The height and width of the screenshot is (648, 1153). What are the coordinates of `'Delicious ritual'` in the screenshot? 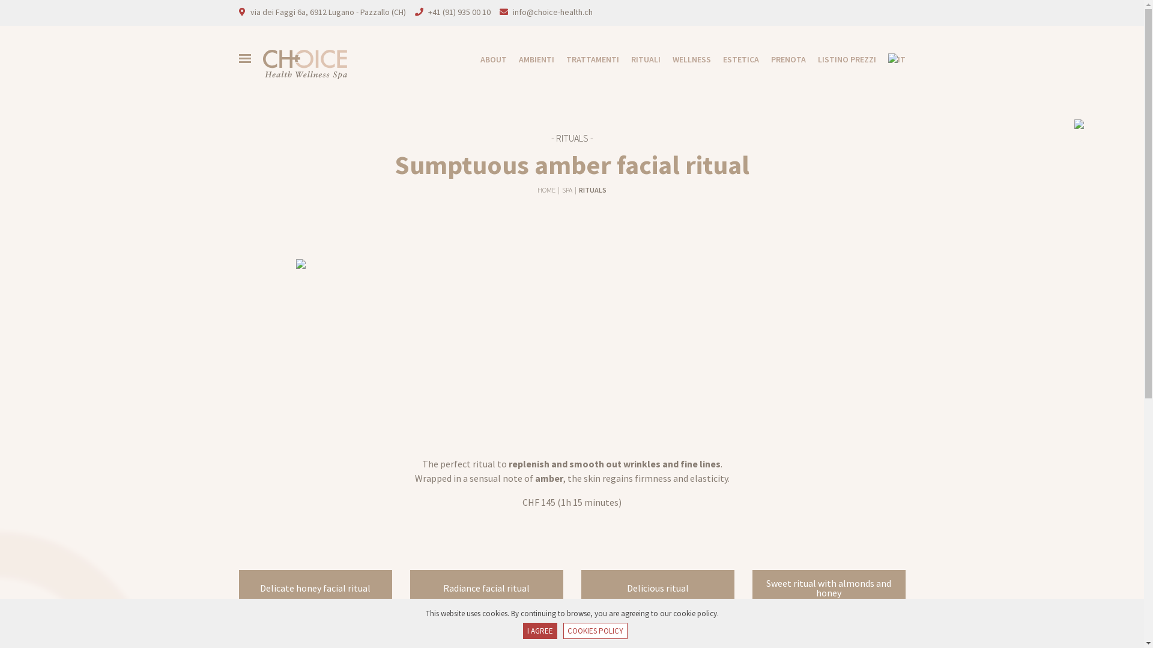 It's located at (581, 587).